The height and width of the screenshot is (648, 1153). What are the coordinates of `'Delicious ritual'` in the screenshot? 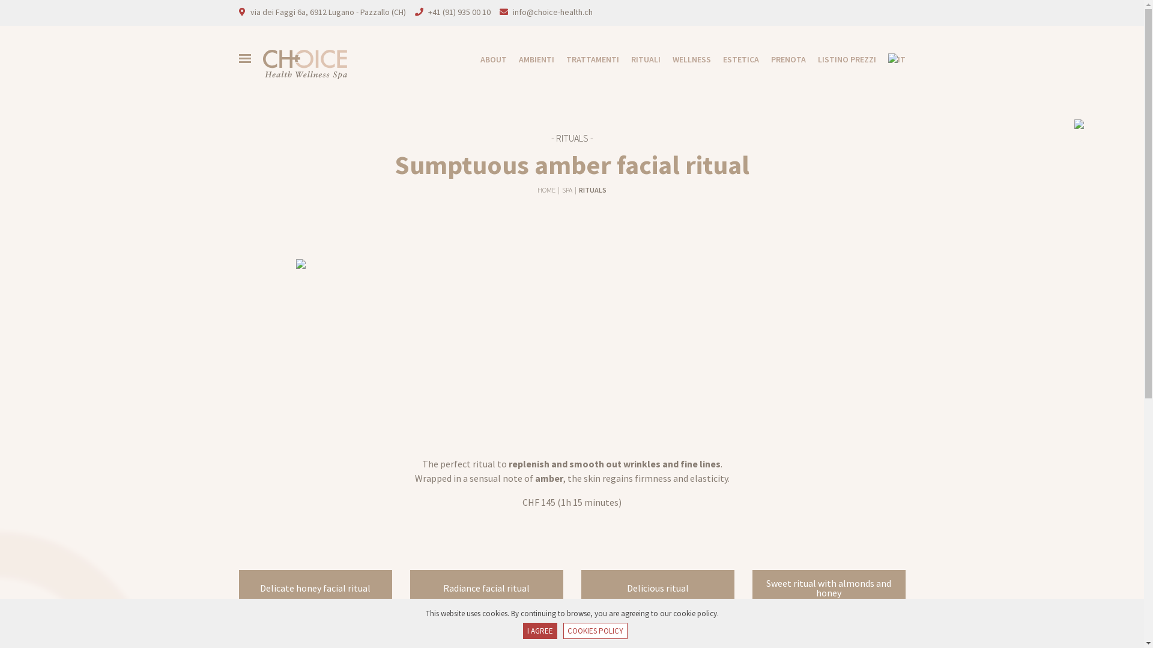 It's located at (581, 587).